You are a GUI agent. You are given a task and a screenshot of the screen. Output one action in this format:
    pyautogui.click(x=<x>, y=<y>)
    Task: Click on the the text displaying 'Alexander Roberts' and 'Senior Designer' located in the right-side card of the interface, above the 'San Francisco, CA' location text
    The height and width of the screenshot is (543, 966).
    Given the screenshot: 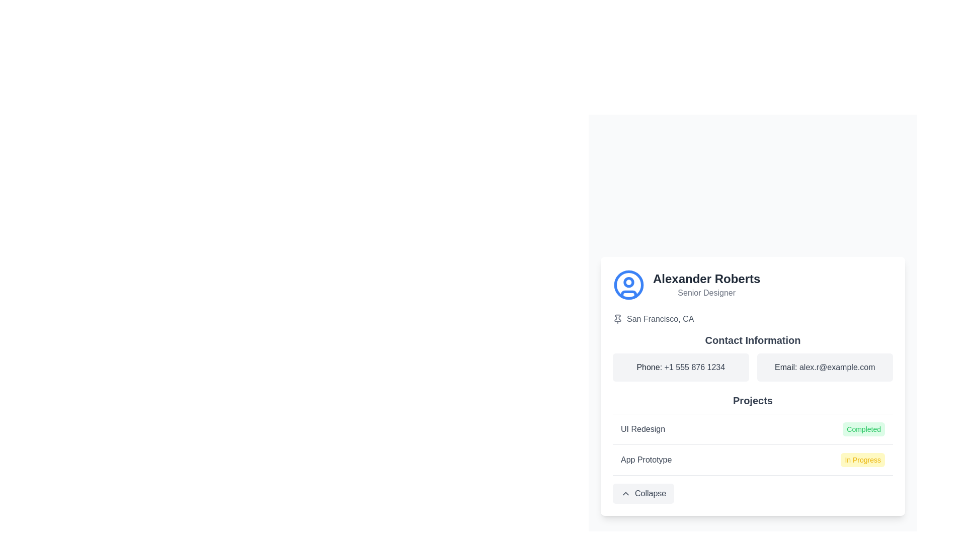 What is the action you would take?
    pyautogui.click(x=706, y=285)
    